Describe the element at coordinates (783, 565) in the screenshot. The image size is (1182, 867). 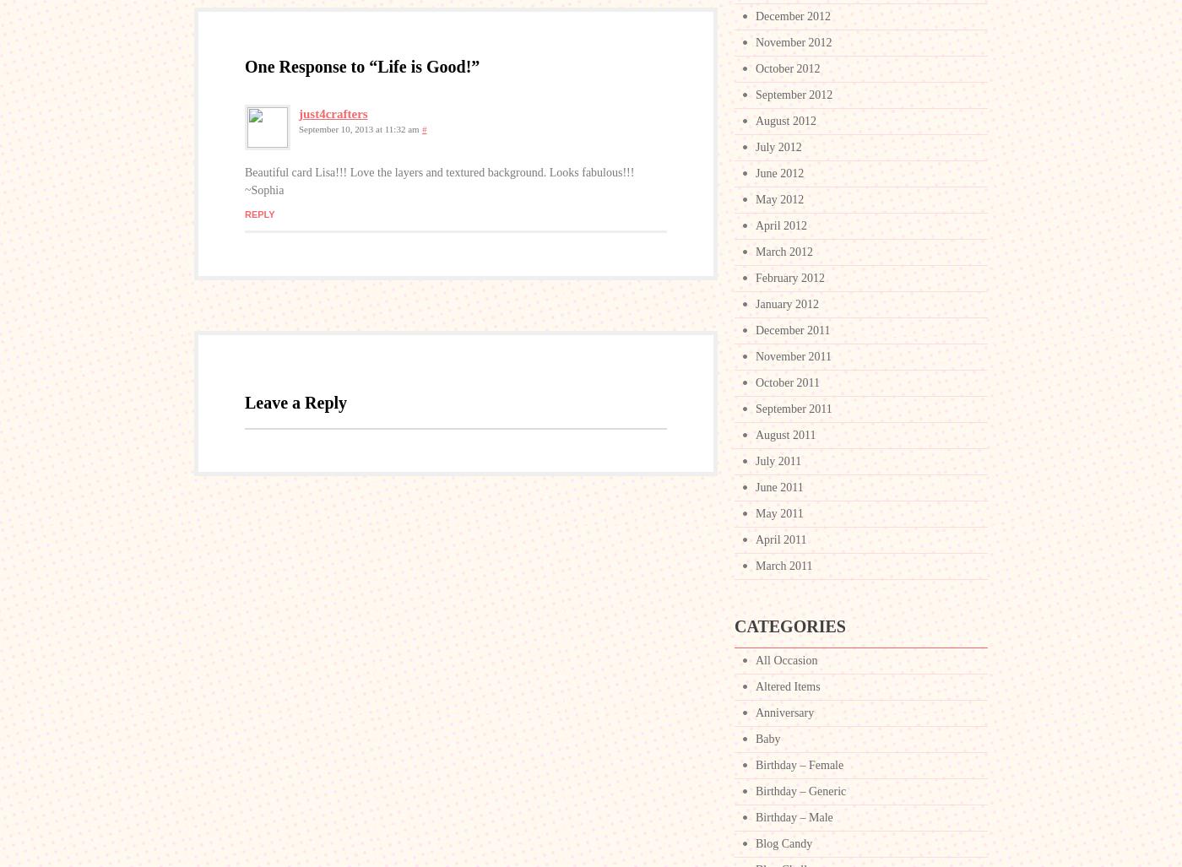
I see `'March 2011'` at that location.